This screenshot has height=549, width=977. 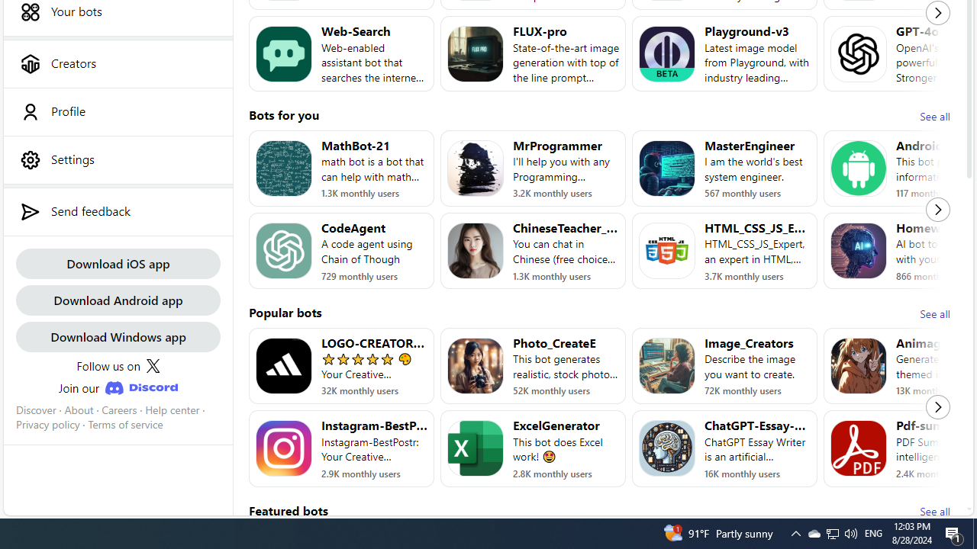 I want to click on 'Bot image for Homeworkbot679', so click(x=859, y=250).